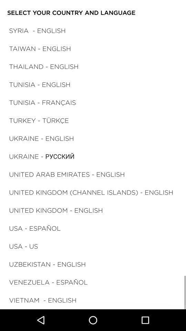  What do you see at coordinates (48, 282) in the screenshot?
I see `the item above vietnam  - english icon` at bounding box center [48, 282].